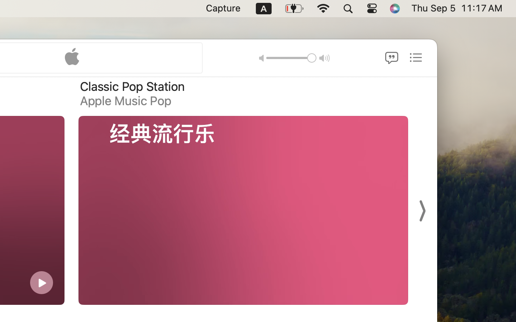 Image resolution: width=516 pixels, height=322 pixels. I want to click on '1.0', so click(291, 58).